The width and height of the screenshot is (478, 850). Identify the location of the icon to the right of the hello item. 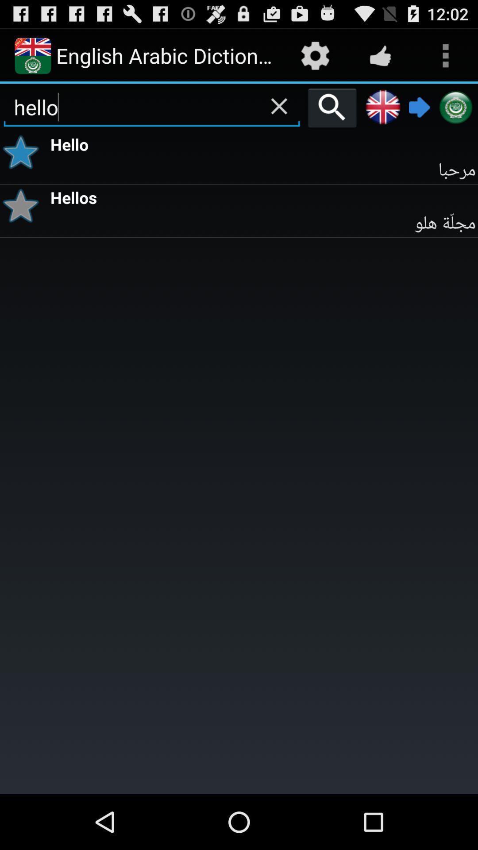
(332, 107).